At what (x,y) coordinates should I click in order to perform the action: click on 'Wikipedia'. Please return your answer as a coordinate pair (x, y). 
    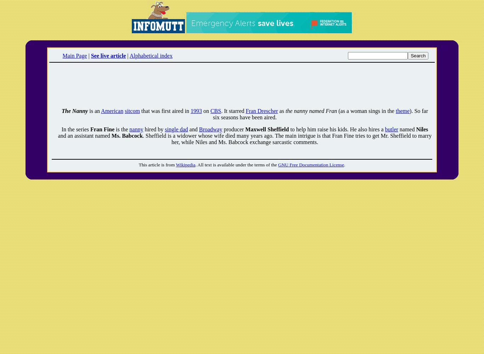
    Looking at the image, I should click on (185, 164).